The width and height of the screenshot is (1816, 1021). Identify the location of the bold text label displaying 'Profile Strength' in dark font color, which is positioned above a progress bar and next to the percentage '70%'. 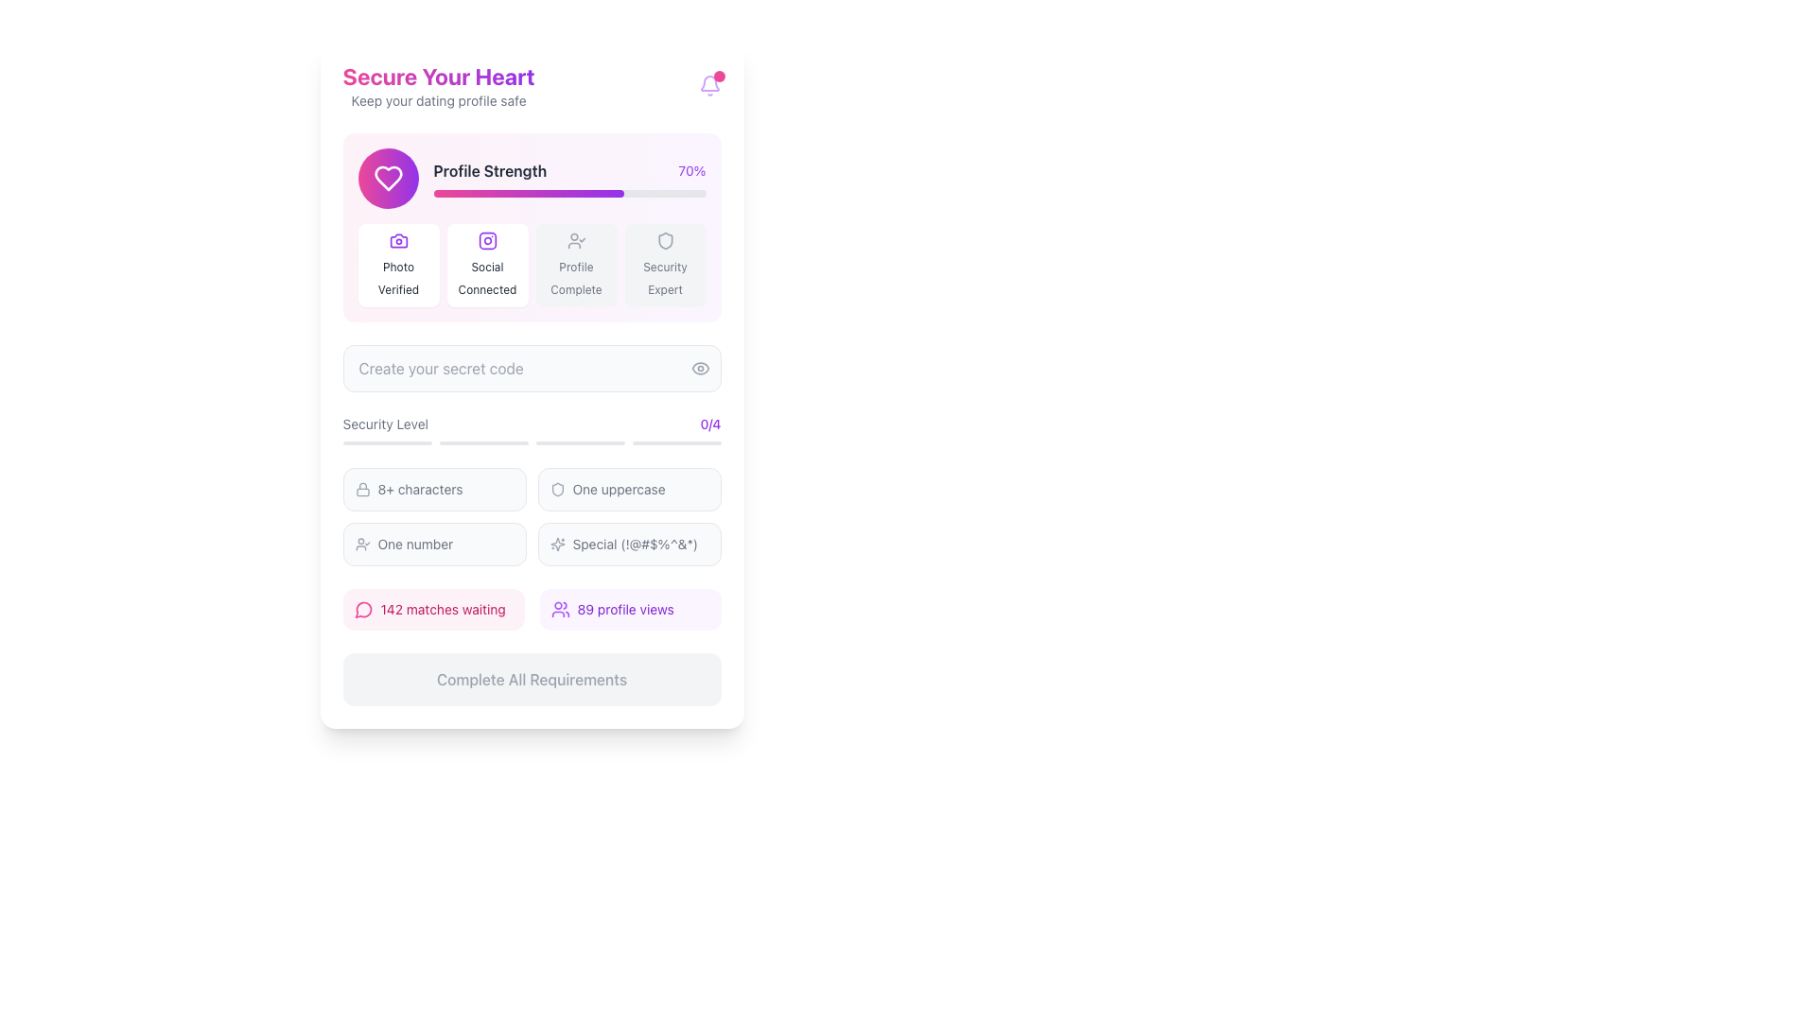
(490, 171).